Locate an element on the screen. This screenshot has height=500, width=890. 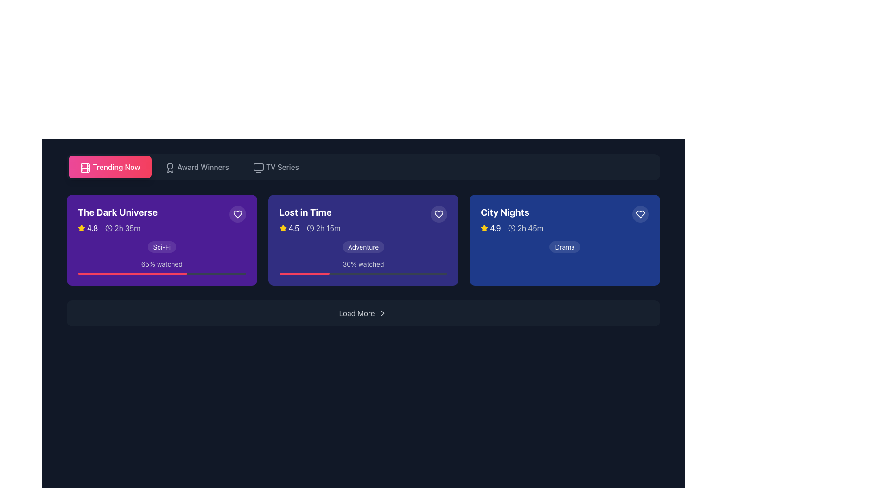
the yellow star icon that is an embellishment displaying a rating, located before the numeric rating '4.8' in the movie card titled 'The Dark Universe' is located at coordinates (82, 228).